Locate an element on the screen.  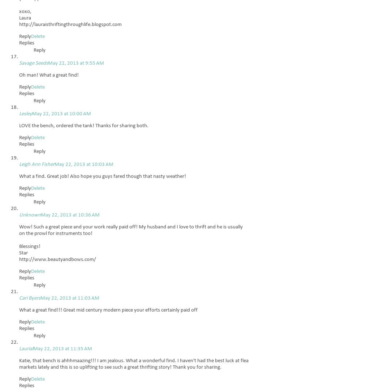
'Laurial' is located at coordinates (26, 348).